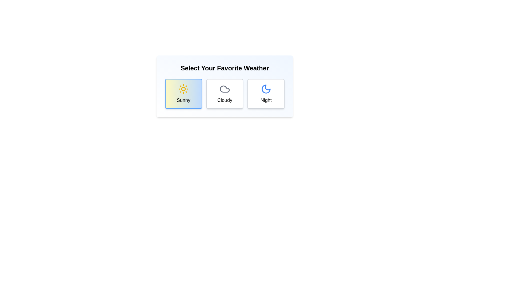 The width and height of the screenshot is (512, 288). What do you see at coordinates (183, 89) in the screenshot?
I see `the central circular yellow icon of the sun illustration, which is part of the 'Sunny' option in the weather selection row below 'Select Your Favorite Weather.'` at bounding box center [183, 89].